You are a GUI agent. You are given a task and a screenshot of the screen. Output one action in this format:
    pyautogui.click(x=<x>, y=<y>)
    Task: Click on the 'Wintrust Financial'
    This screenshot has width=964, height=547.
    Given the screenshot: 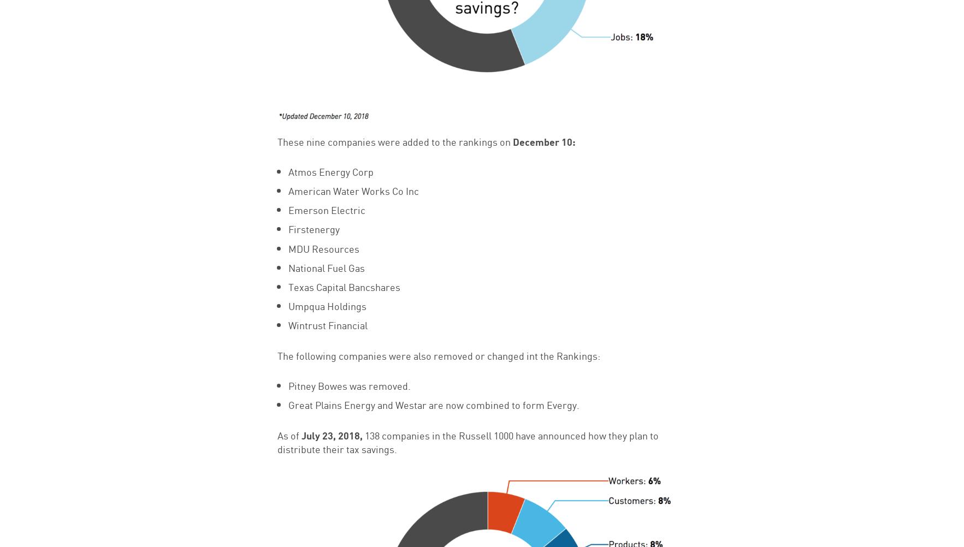 What is the action you would take?
    pyautogui.click(x=327, y=324)
    